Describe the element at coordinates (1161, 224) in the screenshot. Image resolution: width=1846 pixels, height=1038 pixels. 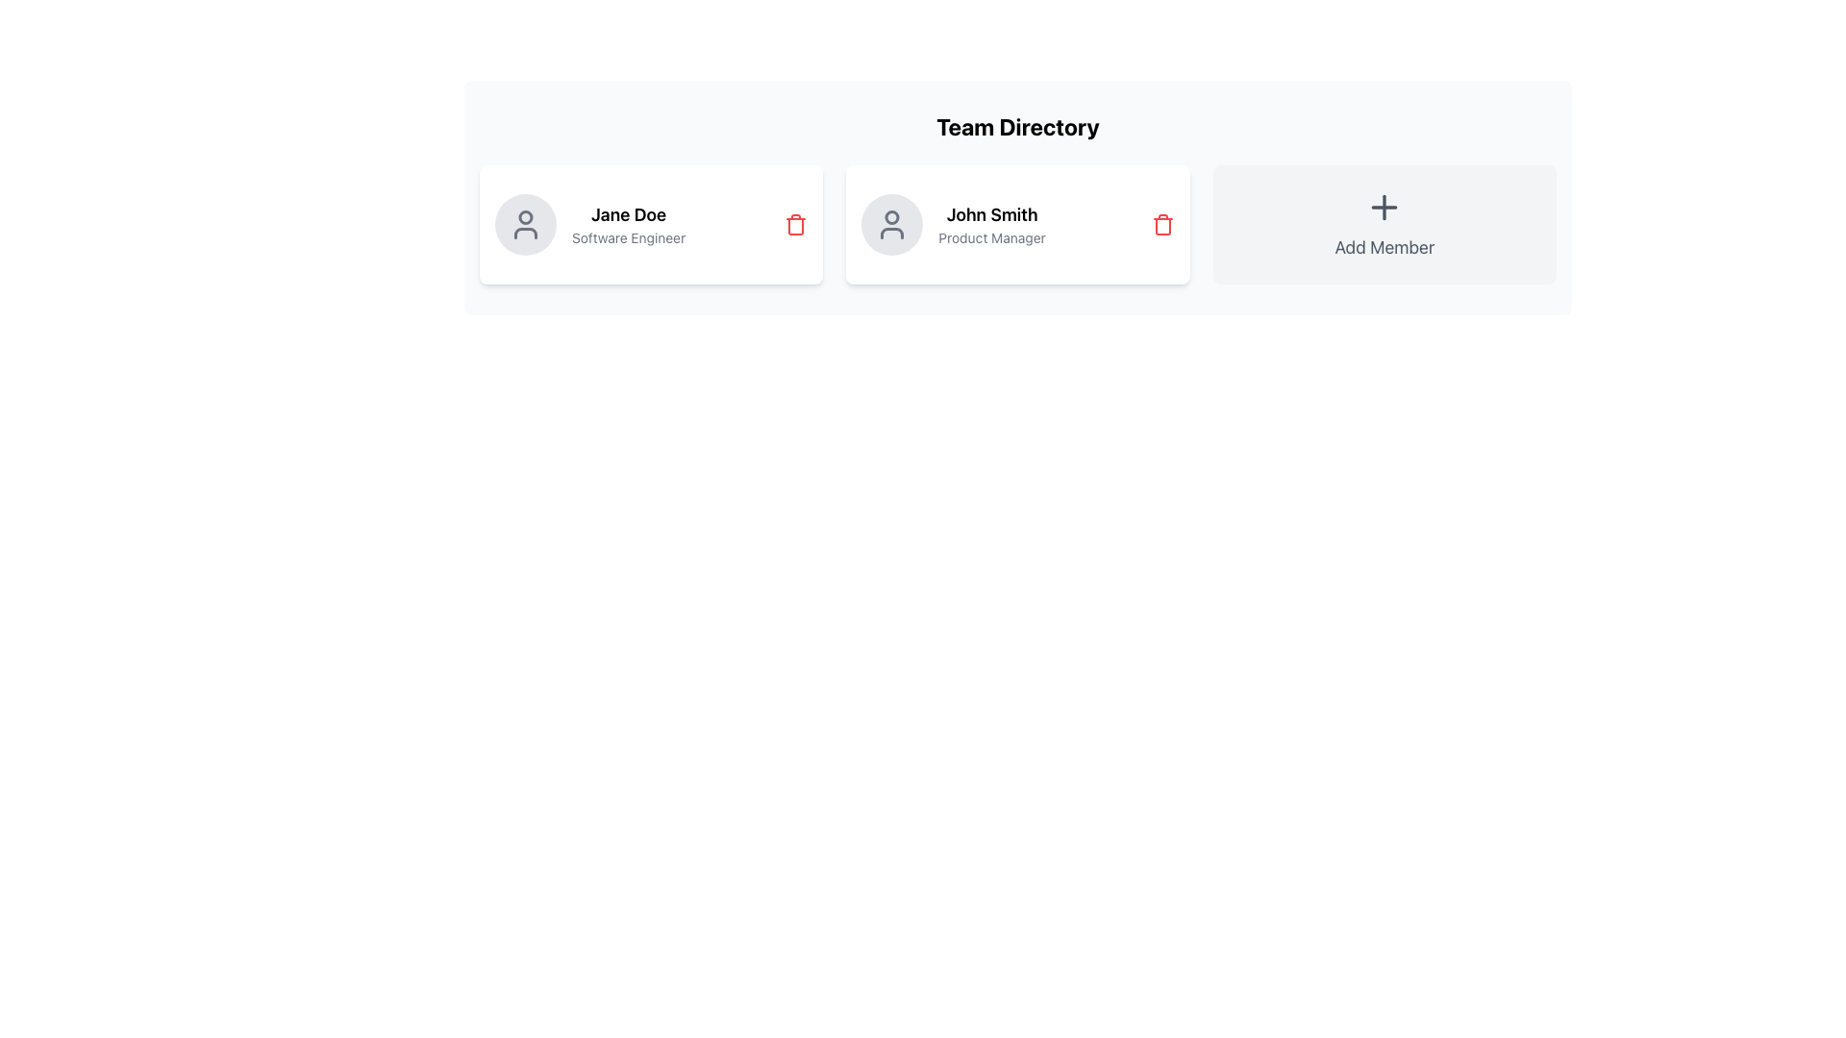
I see `the delete button icon located in the top-right corner of the card for 'John Smith, Product Manager'` at that location.